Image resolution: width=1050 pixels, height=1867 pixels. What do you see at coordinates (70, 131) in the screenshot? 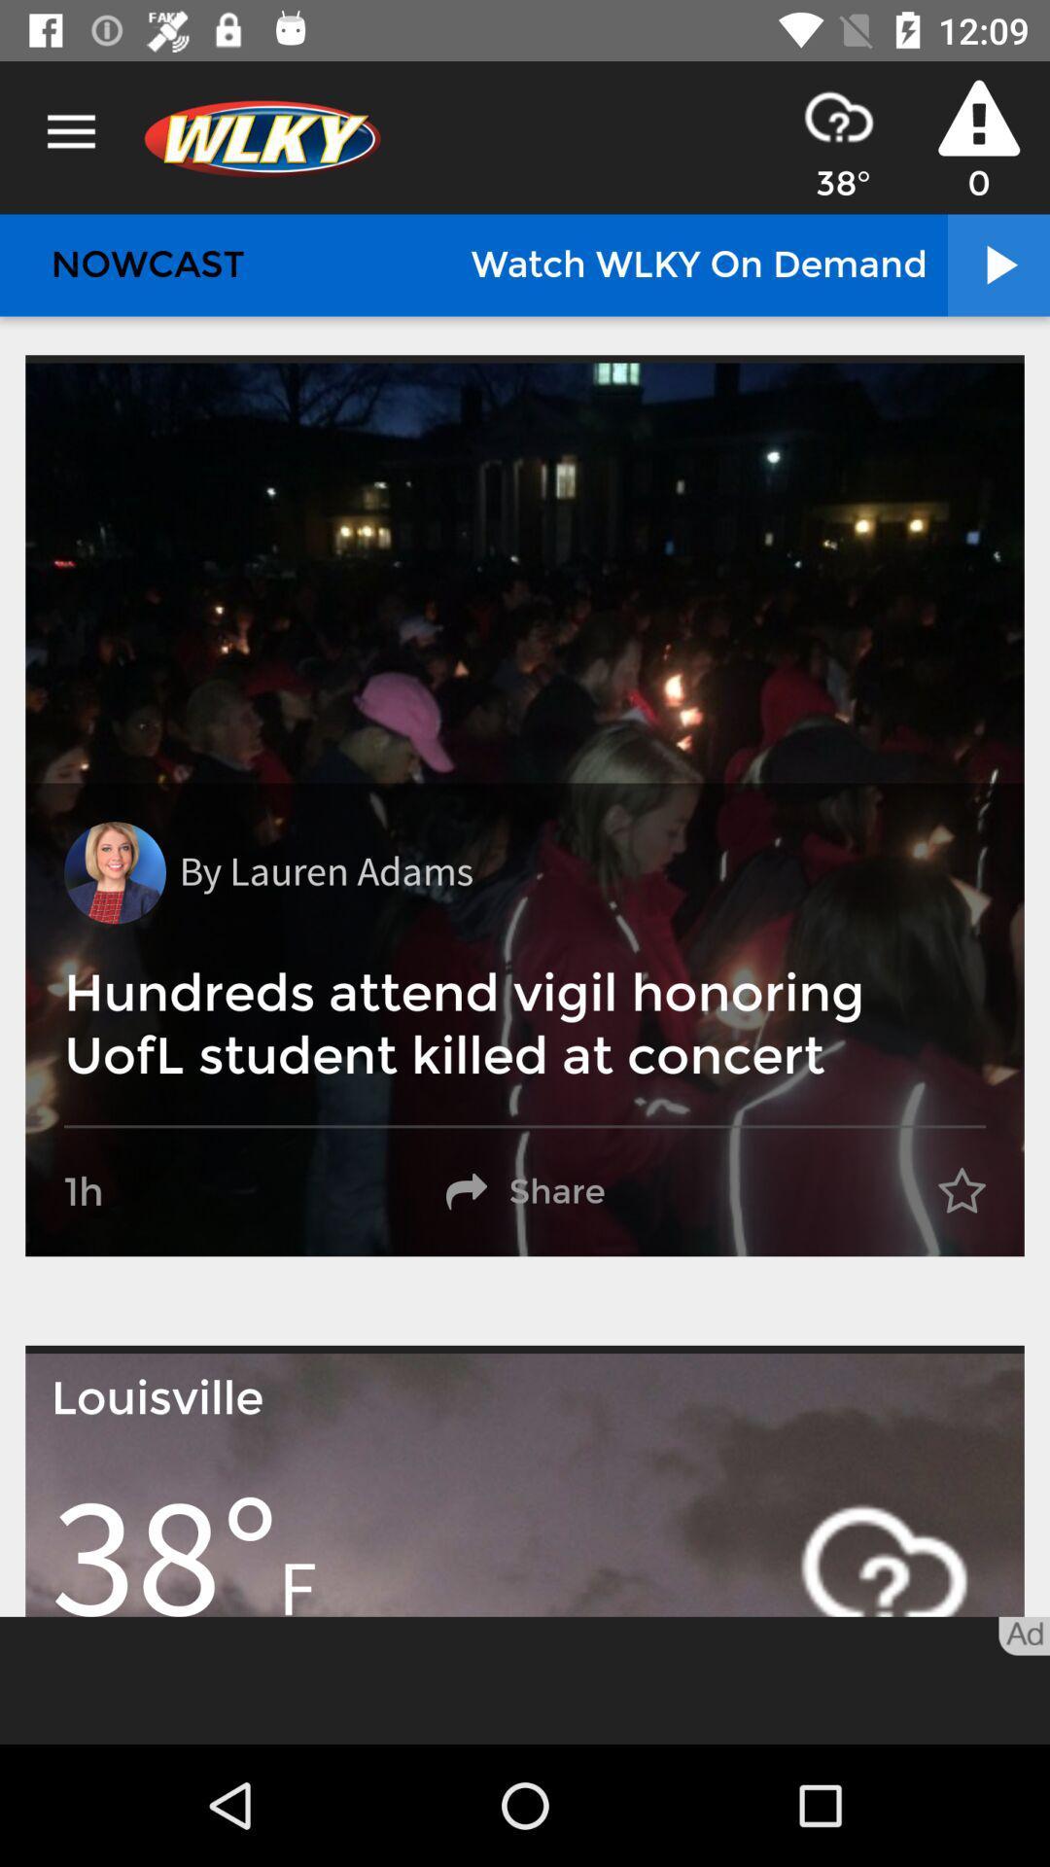
I see `icon above the nowcast icon` at bounding box center [70, 131].